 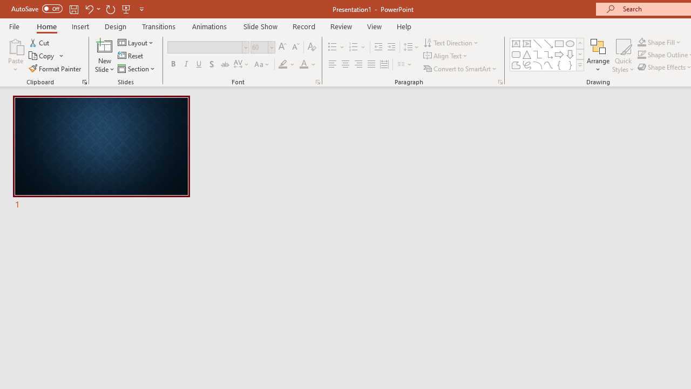 I want to click on 'Office Clipboard...', so click(x=84, y=81).